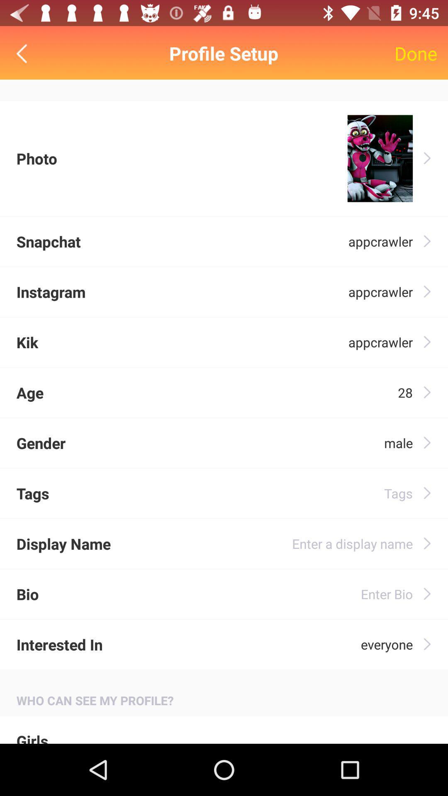 The image size is (448, 796). I want to click on the item to the left of profile setup icon, so click(23, 53).